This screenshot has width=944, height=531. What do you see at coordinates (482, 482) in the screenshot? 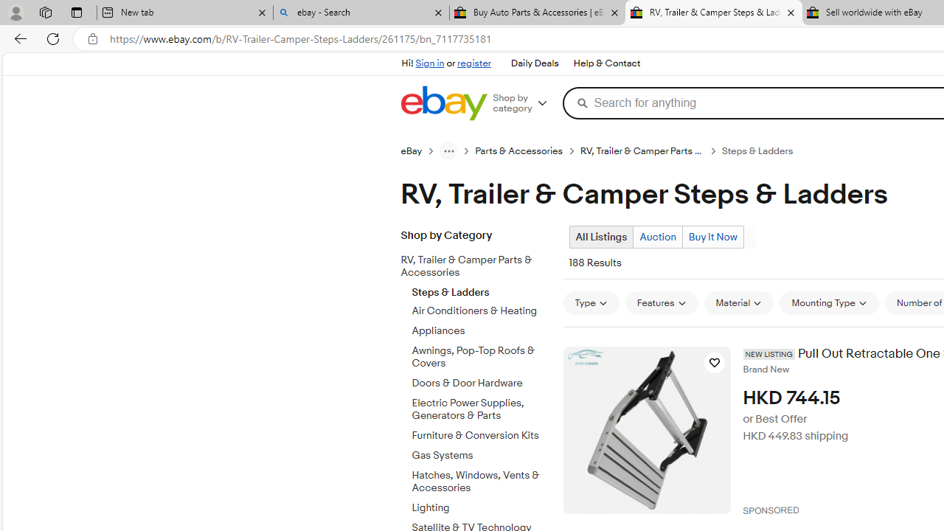
I see `'Hatches, Windows, Vents & Accessories'` at bounding box center [482, 482].